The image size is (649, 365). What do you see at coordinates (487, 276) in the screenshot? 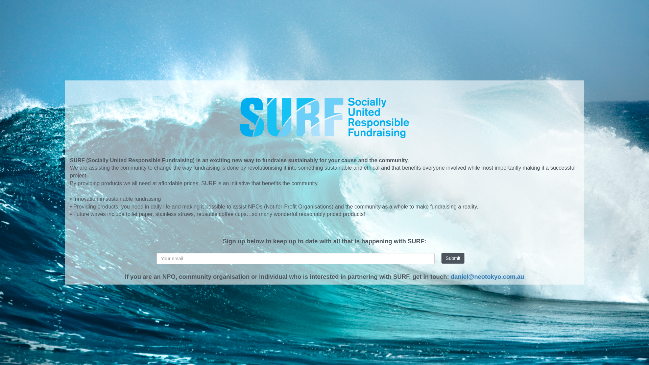
I see `'daniel@neotokyo.com.au'` at bounding box center [487, 276].